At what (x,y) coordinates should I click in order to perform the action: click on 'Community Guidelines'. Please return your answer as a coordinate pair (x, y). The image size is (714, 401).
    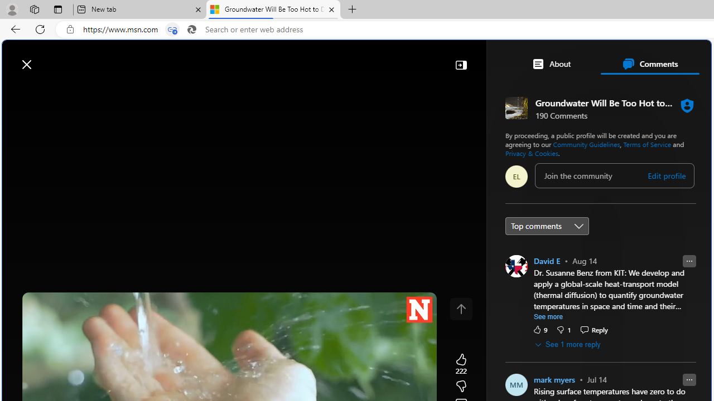
    Looking at the image, I should click on (586, 143).